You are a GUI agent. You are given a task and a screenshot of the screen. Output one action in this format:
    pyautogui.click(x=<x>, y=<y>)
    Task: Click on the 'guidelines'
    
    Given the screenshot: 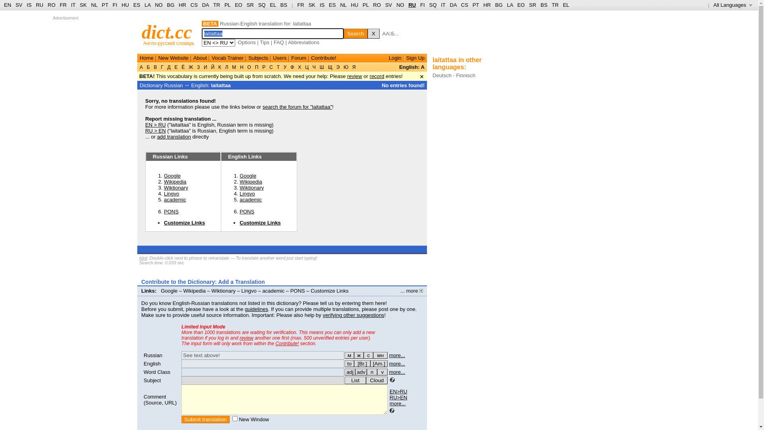 What is the action you would take?
    pyautogui.click(x=244, y=309)
    